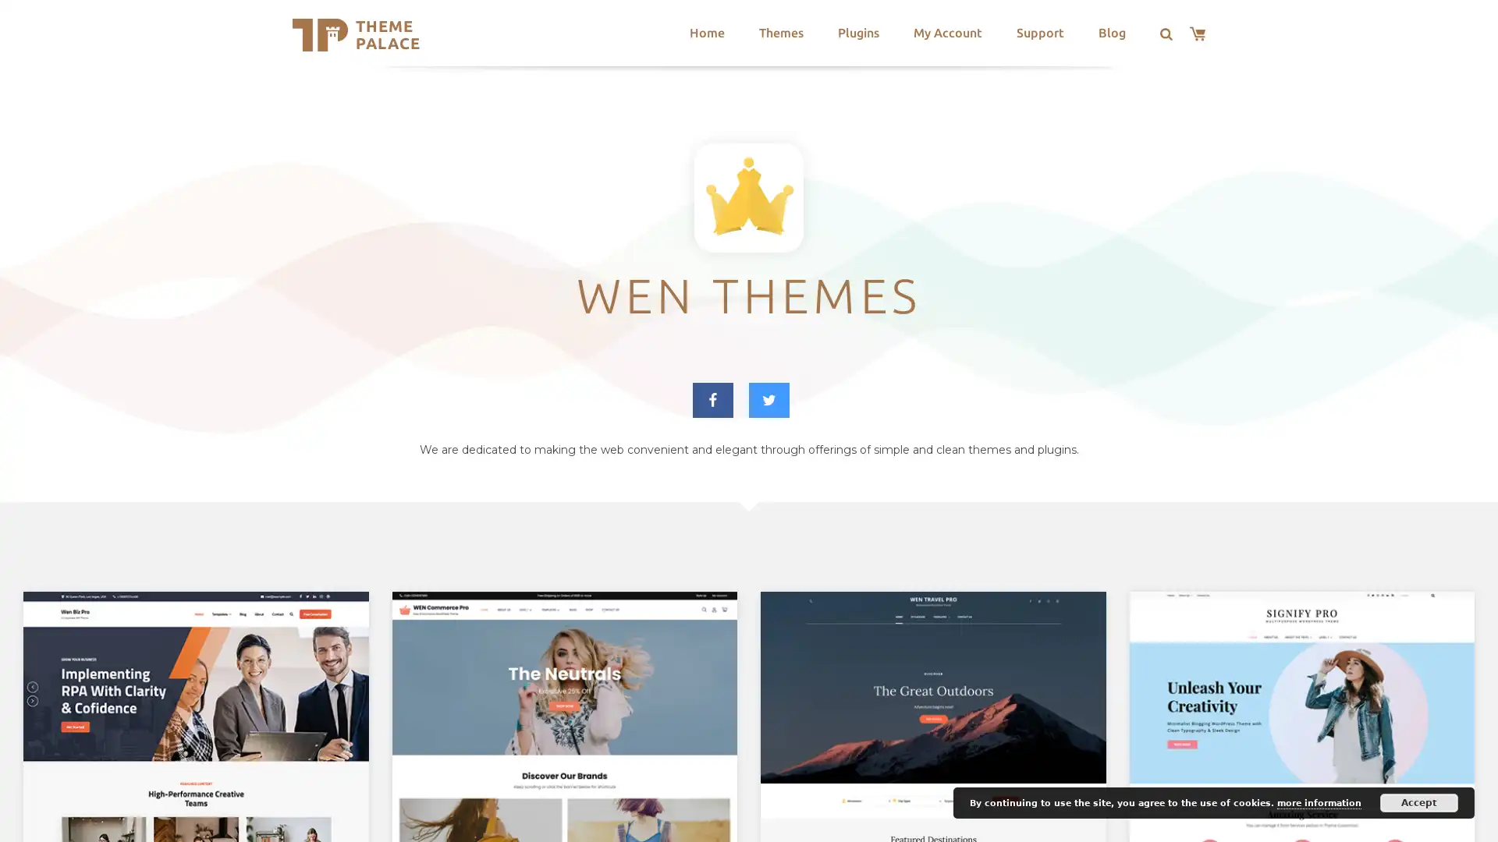 The image size is (1498, 842). I want to click on Search, so click(481, 35).